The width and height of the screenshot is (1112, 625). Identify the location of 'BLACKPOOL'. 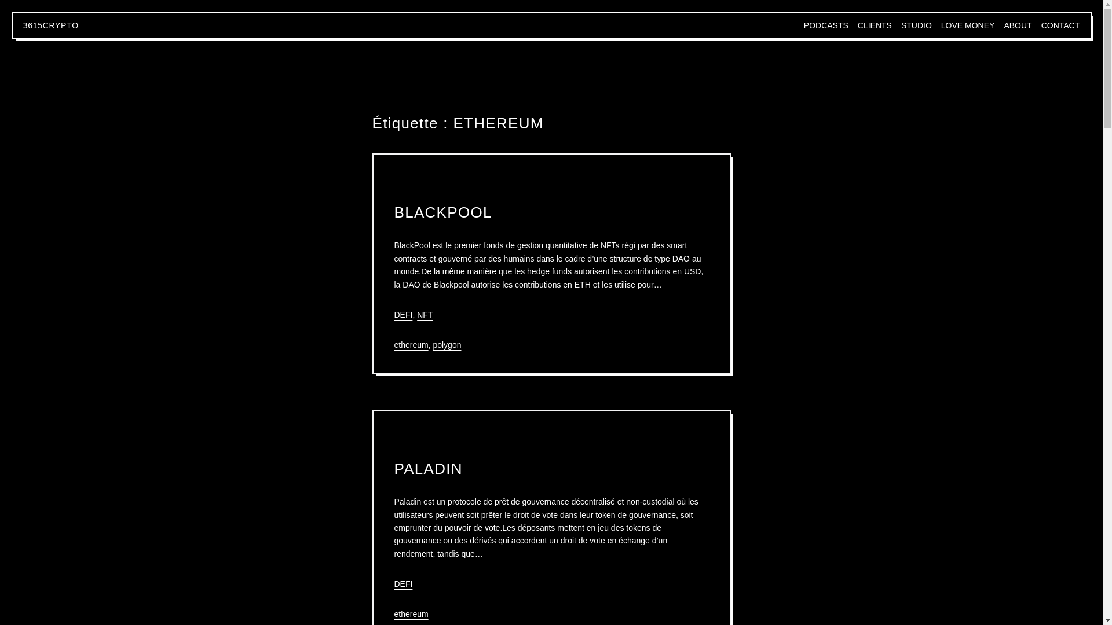
(442, 212).